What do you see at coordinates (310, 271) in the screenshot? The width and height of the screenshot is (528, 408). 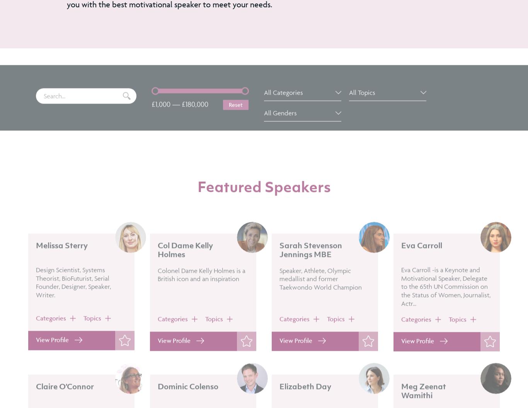 I see `'Sarah Stevenson Jennings MBE'` at bounding box center [310, 271].